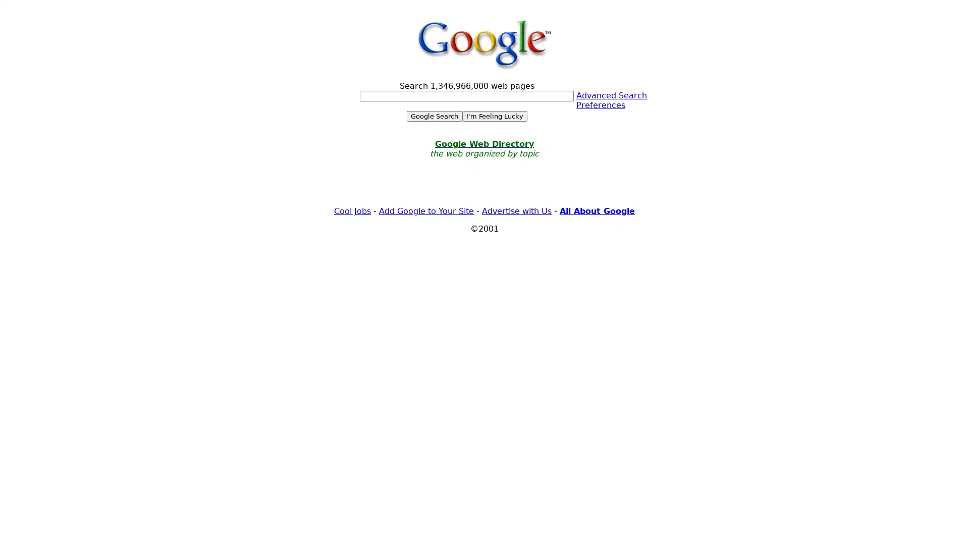 The height and width of the screenshot is (545, 969). I want to click on Google Search, so click(434, 116).